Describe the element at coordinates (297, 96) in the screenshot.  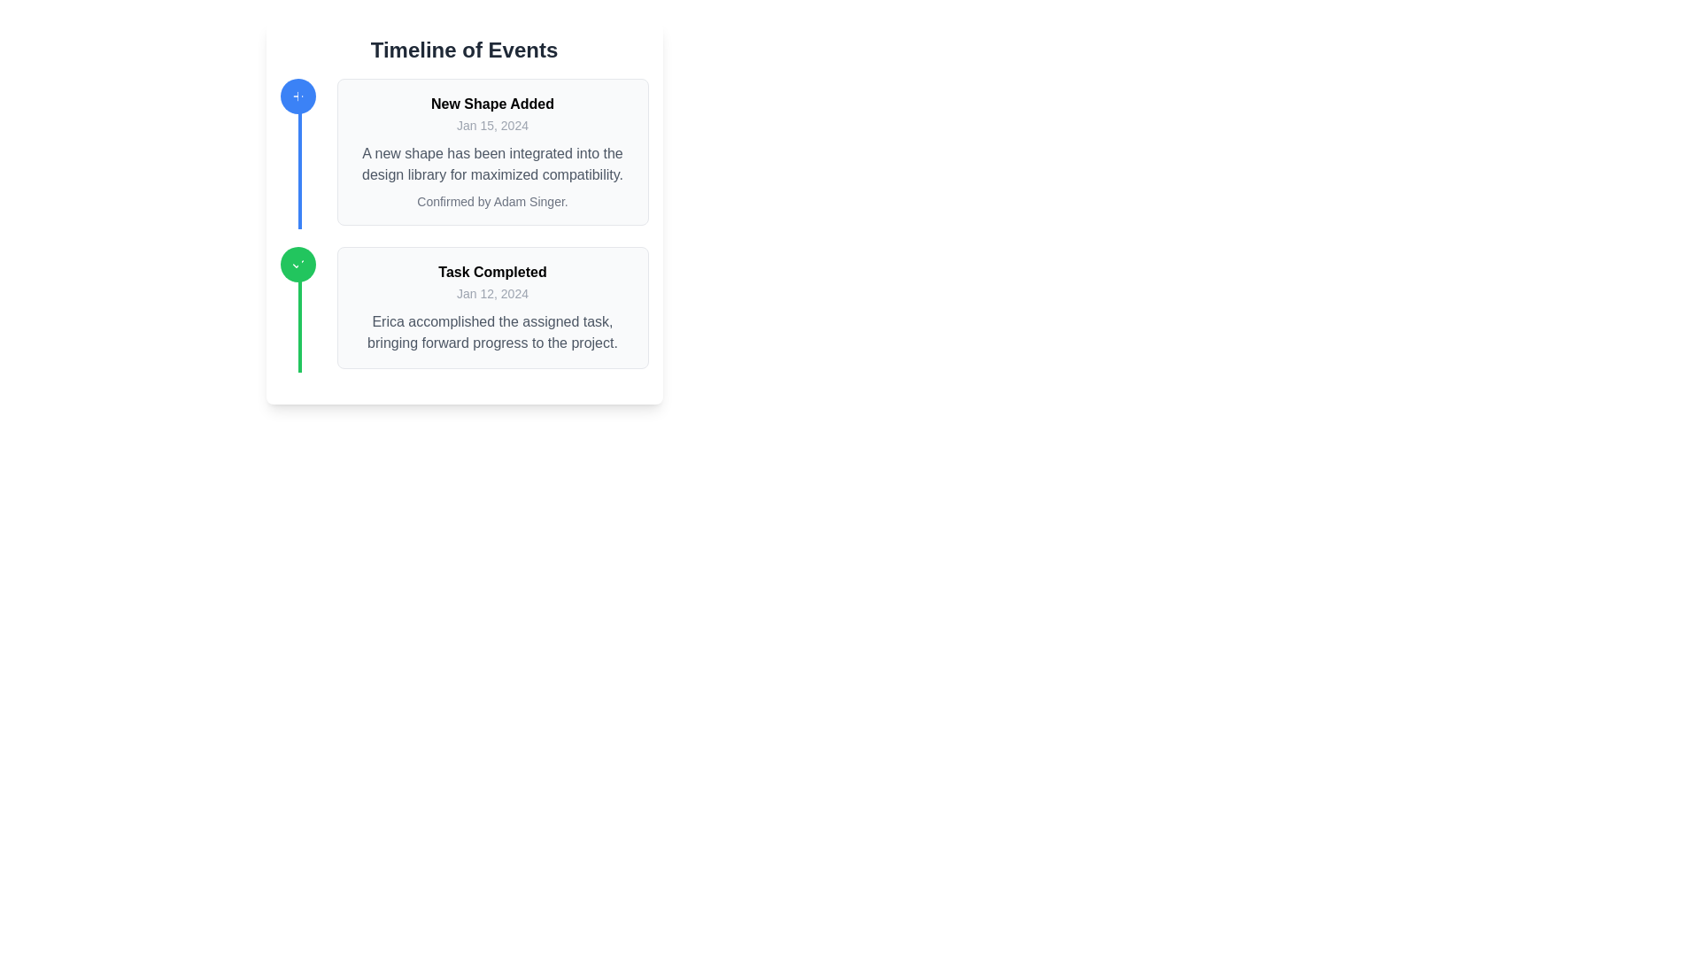
I see `the circular icon with a blue background and a white plus sign, located to the left of the 'New Shape Added' section in the timeline layout` at that location.